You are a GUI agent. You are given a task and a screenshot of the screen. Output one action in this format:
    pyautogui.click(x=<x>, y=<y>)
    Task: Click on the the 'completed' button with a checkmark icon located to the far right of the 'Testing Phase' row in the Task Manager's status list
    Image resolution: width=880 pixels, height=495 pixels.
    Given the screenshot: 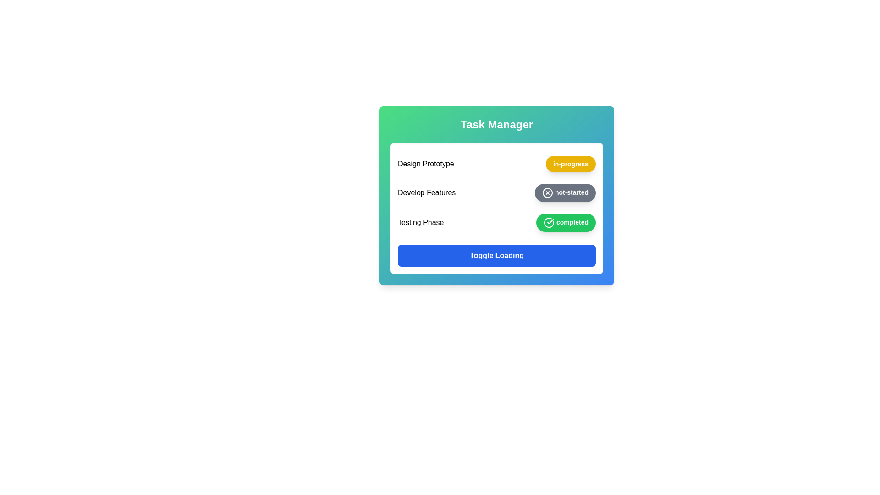 What is the action you would take?
    pyautogui.click(x=565, y=223)
    